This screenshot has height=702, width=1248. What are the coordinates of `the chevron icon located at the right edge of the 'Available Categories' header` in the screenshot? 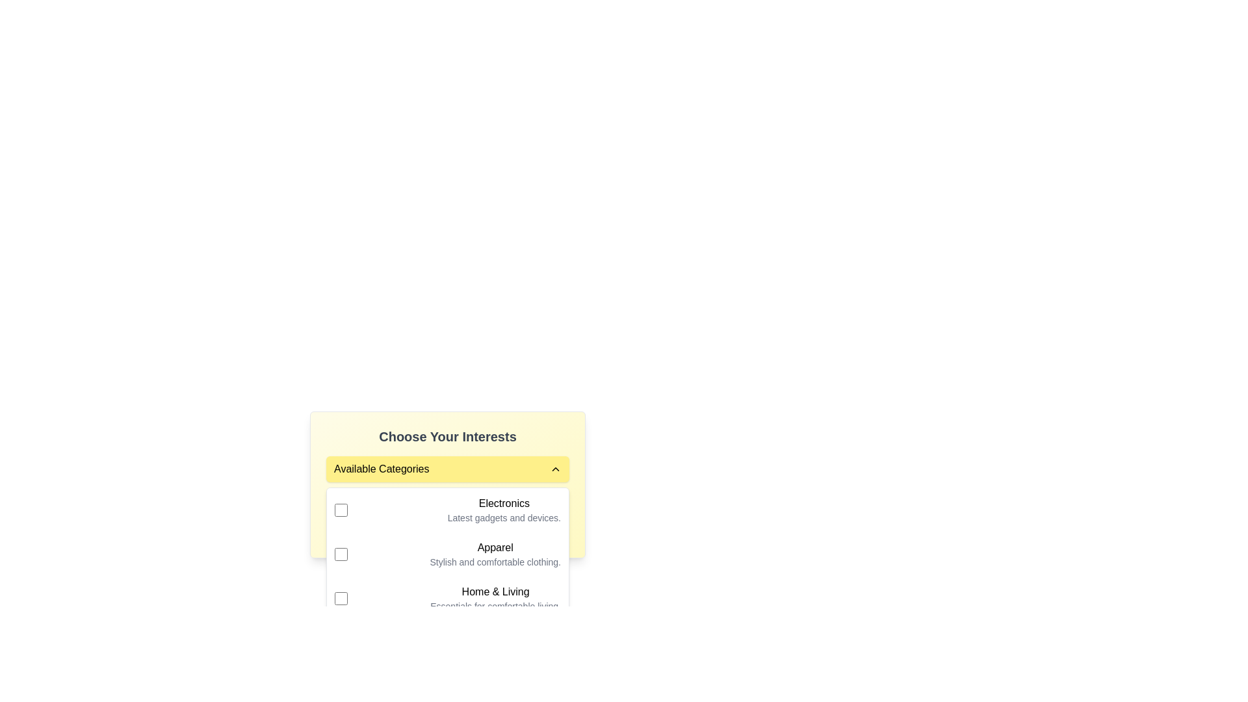 It's located at (555, 469).